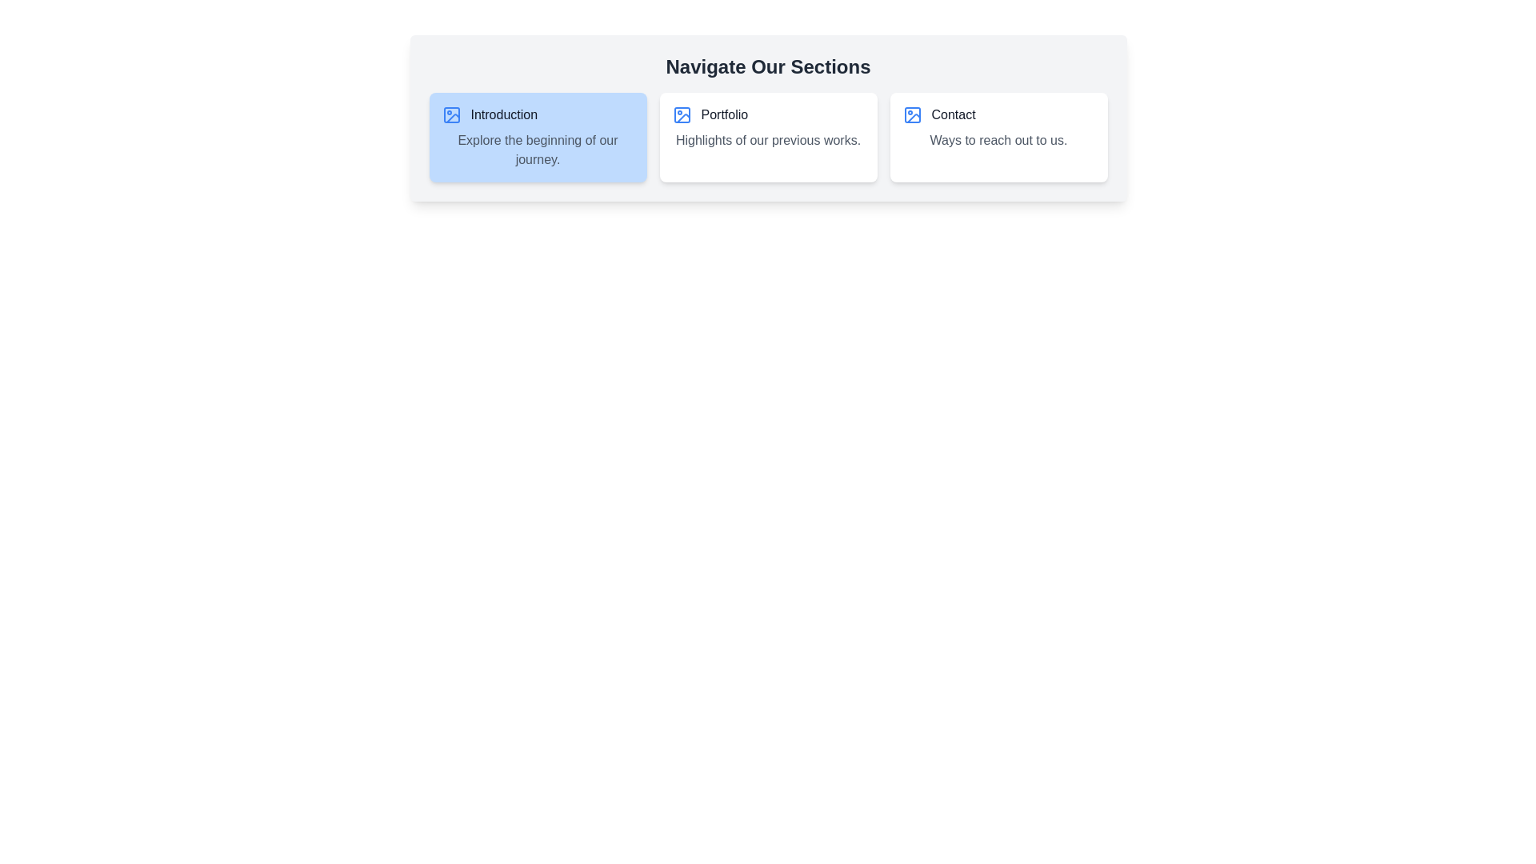  I want to click on the header text displaying 'Navigate Our Sections', which is bold and large, centered at the top of the interface, so click(768, 66).